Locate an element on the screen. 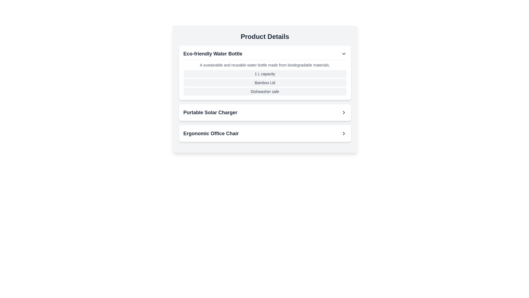  the chevron icon pointing to the right, located on the far right side of the row labeled 'Ergonomic Office Chair' is located at coordinates (343, 133).